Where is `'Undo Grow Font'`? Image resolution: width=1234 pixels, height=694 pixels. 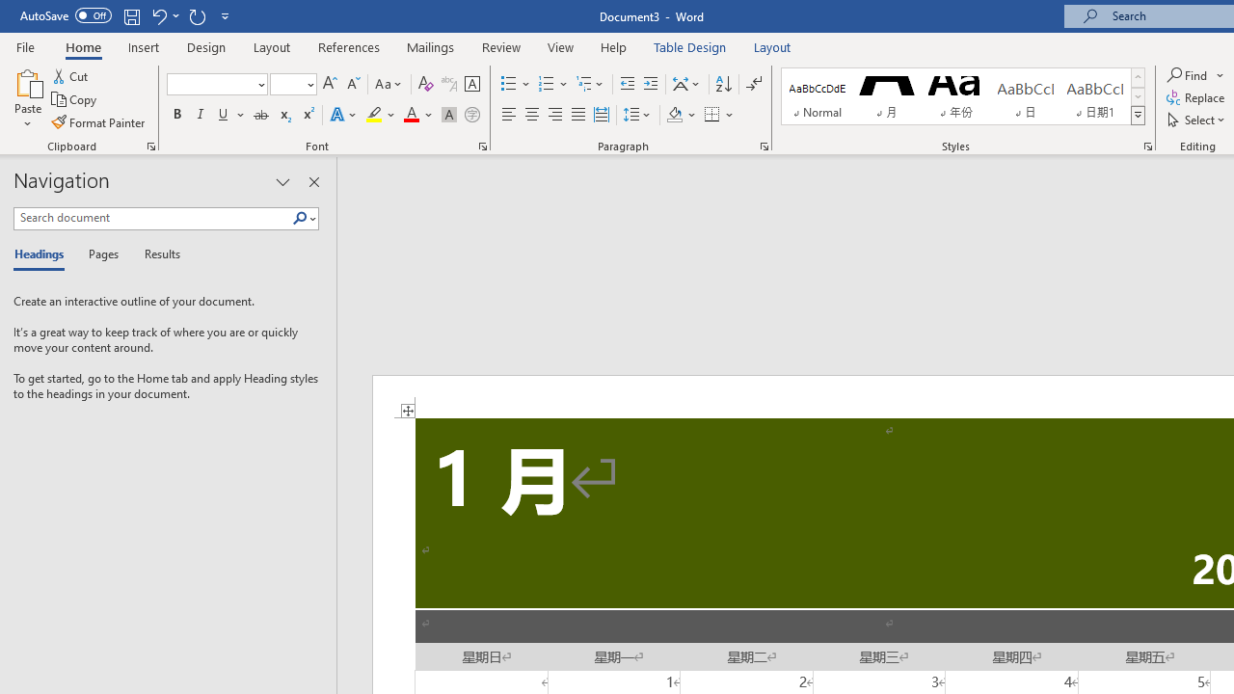 'Undo Grow Font' is located at coordinates (158, 15).